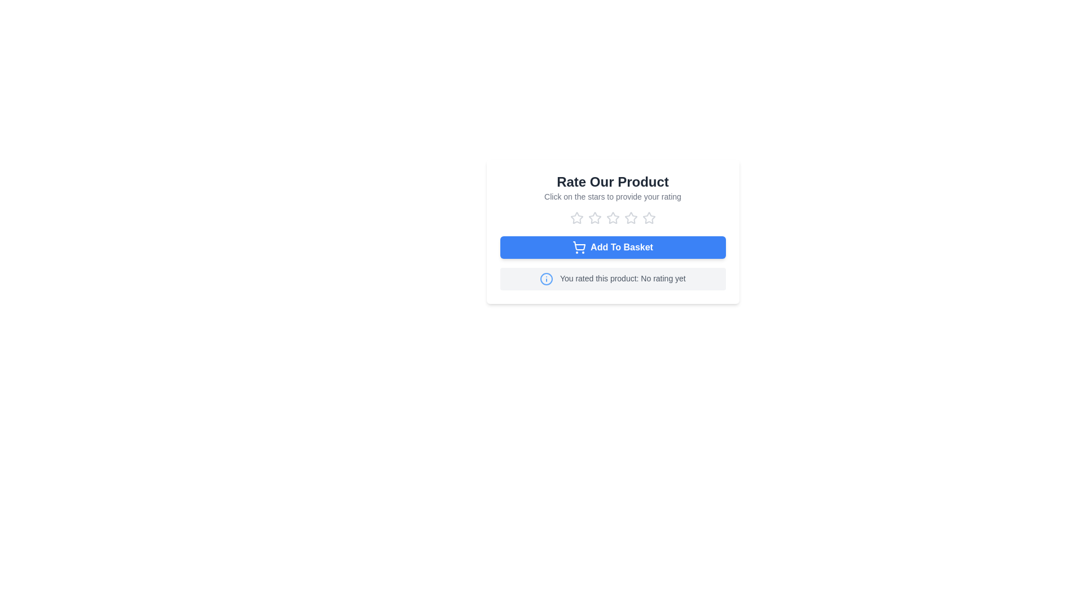  Describe the element at coordinates (649, 217) in the screenshot. I see `the fifth star icon in the rating section located beneath the 'Rate Our Product' header` at that location.